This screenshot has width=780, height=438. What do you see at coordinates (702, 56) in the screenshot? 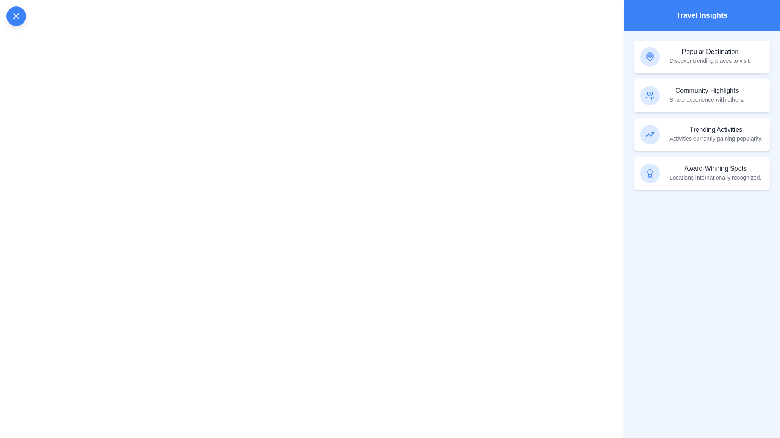
I see `the insight item labeled 'Popular Destination' to observe its hover effect` at bounding box center [702, 56].